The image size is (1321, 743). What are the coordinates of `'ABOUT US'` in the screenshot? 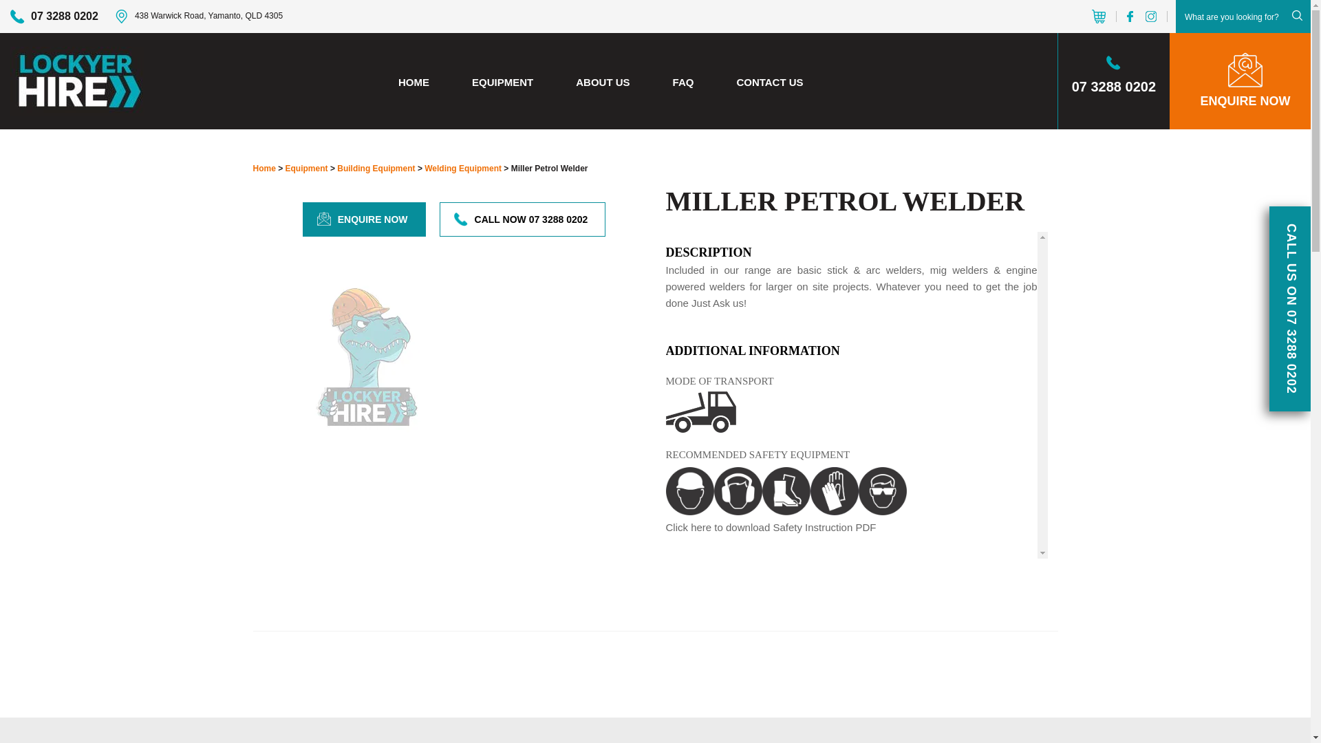 It's located at (603, 82).